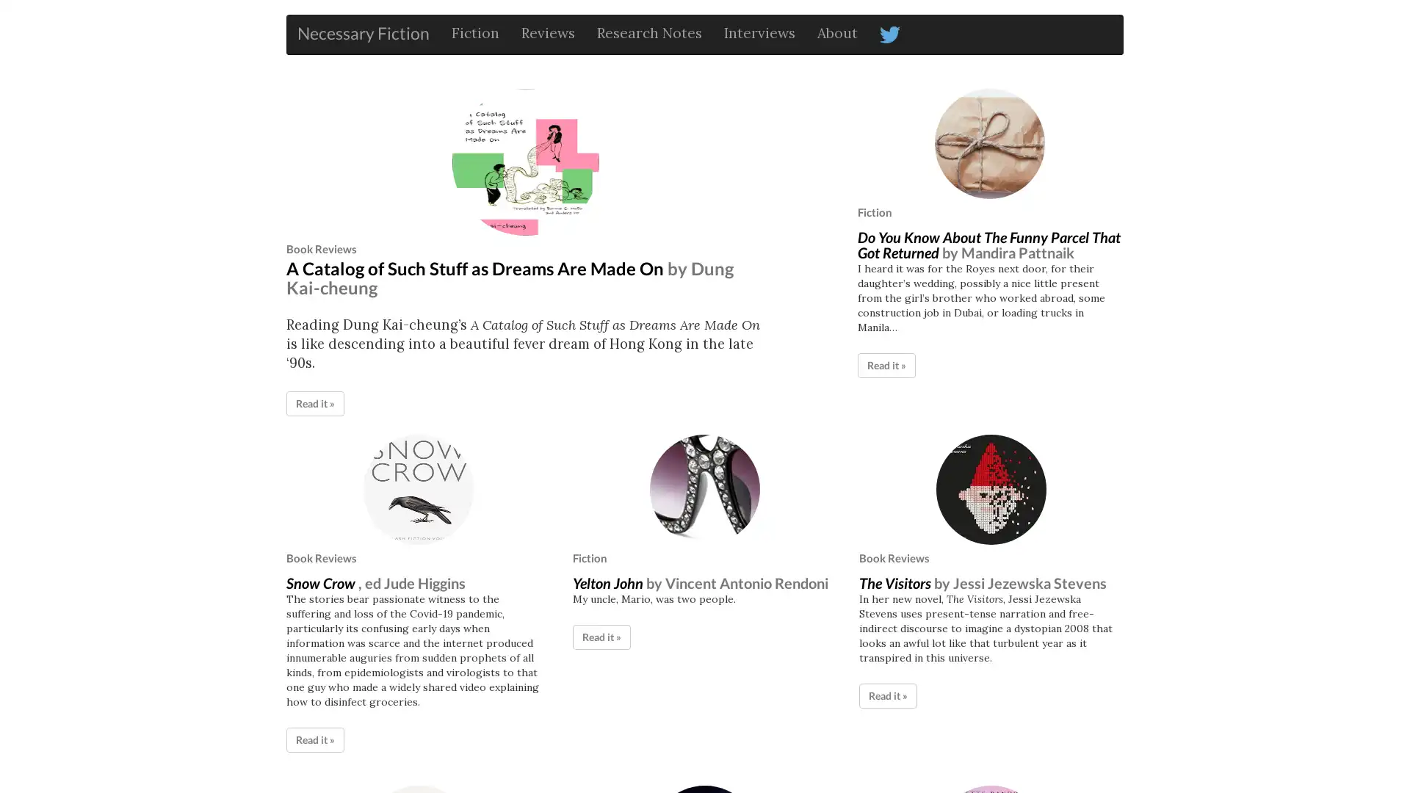  Describe the element at coordinates (885, 364) in the screenshot. I see `Read it` at that location.